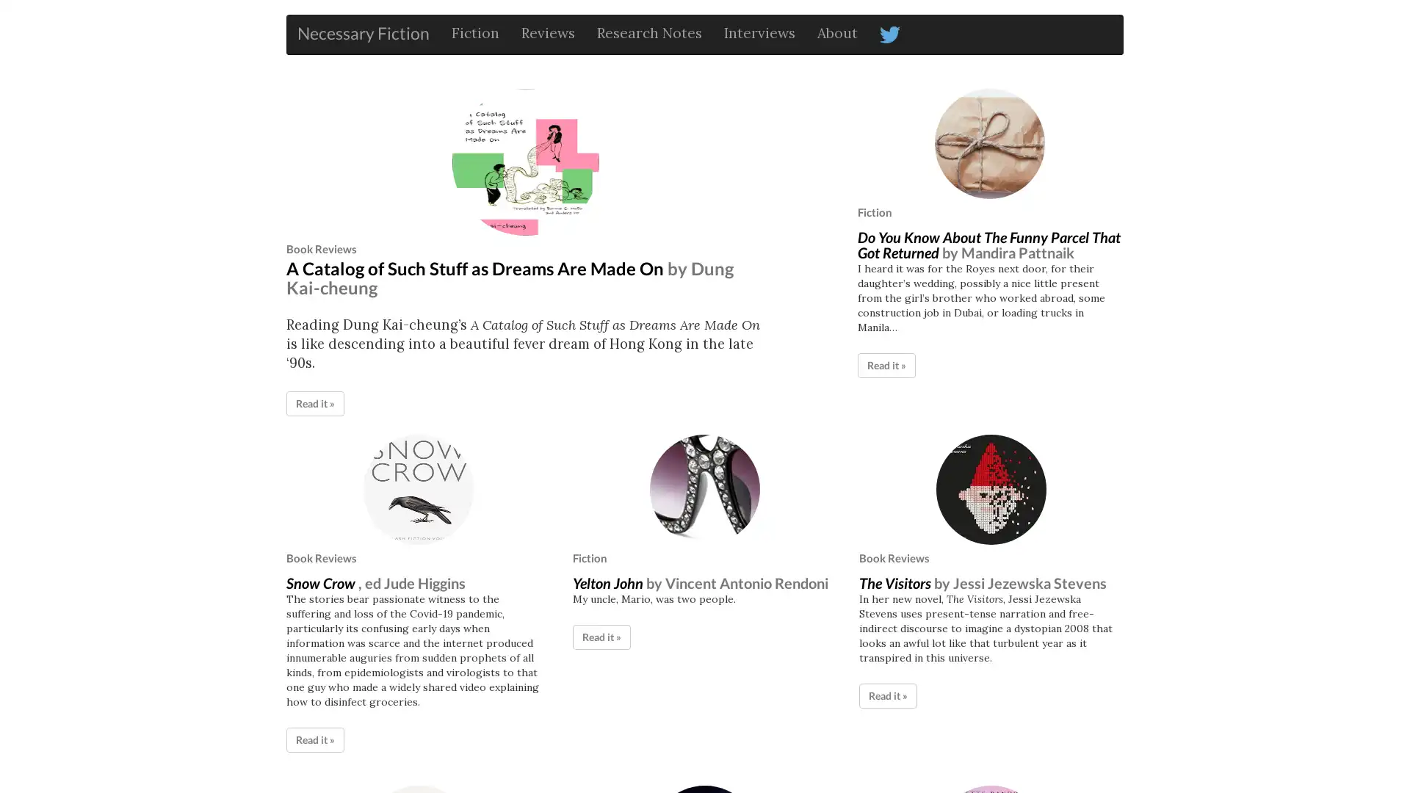  Describe the element at coordinates (885, 364) in the screenshot. I see `Read it` at that location.